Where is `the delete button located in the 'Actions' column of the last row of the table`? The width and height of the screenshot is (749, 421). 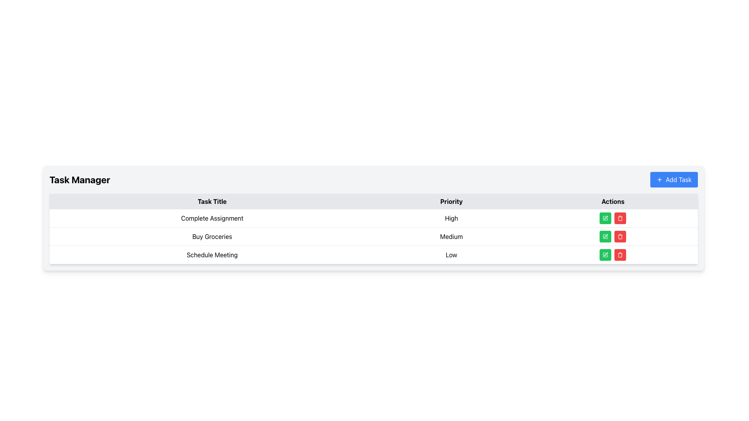
the delete button located in the 'Actions' column of the last row of the table is located at coordinates (619, 255).